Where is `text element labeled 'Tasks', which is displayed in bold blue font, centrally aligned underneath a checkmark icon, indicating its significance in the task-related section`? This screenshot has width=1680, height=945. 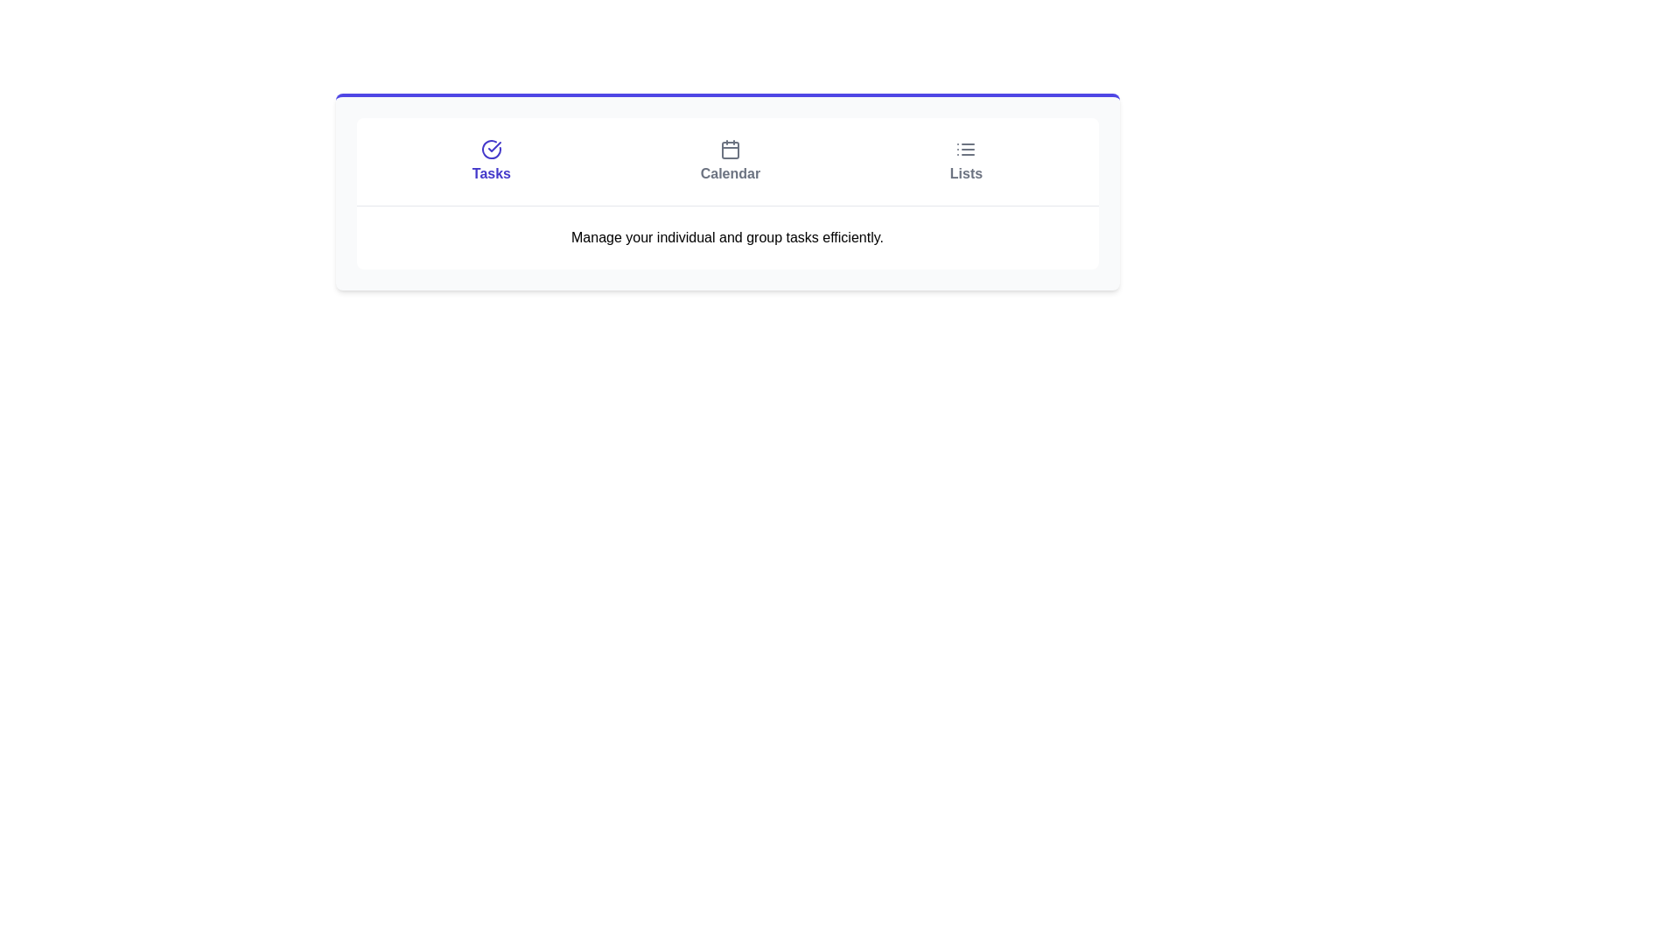
text element labeled 'Tasks', which is displayed in bold blue font, centrally aligned underneath a checkmark icon, indicating its significance in the task-related section is located at coordinates (490, 174).